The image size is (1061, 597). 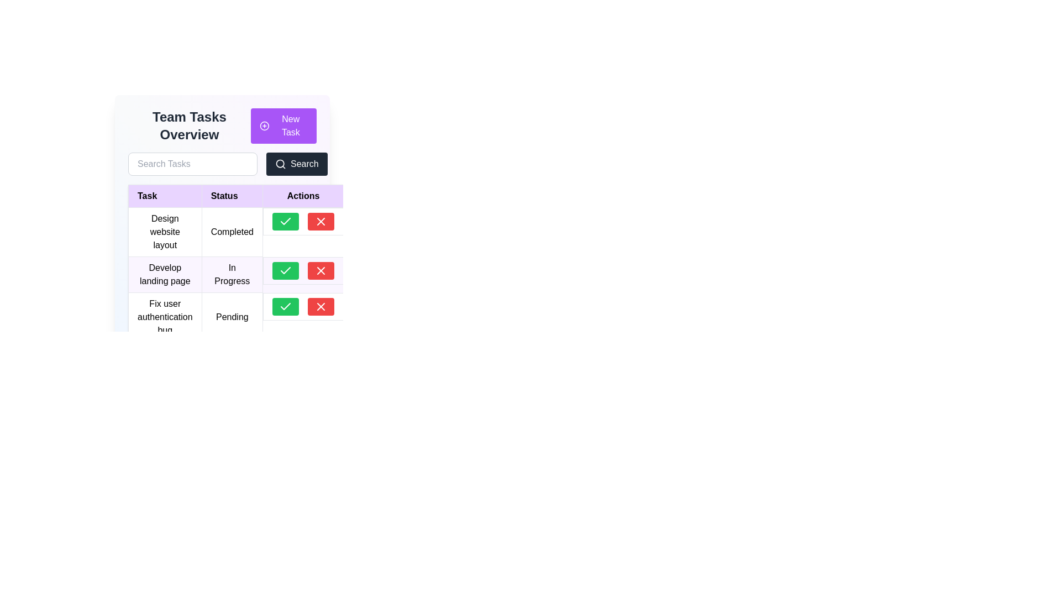 I want to click on the text label displaying the phrase 'Design website layout' located in the first row under the 'Task' heading, so click(x=164, y=232).